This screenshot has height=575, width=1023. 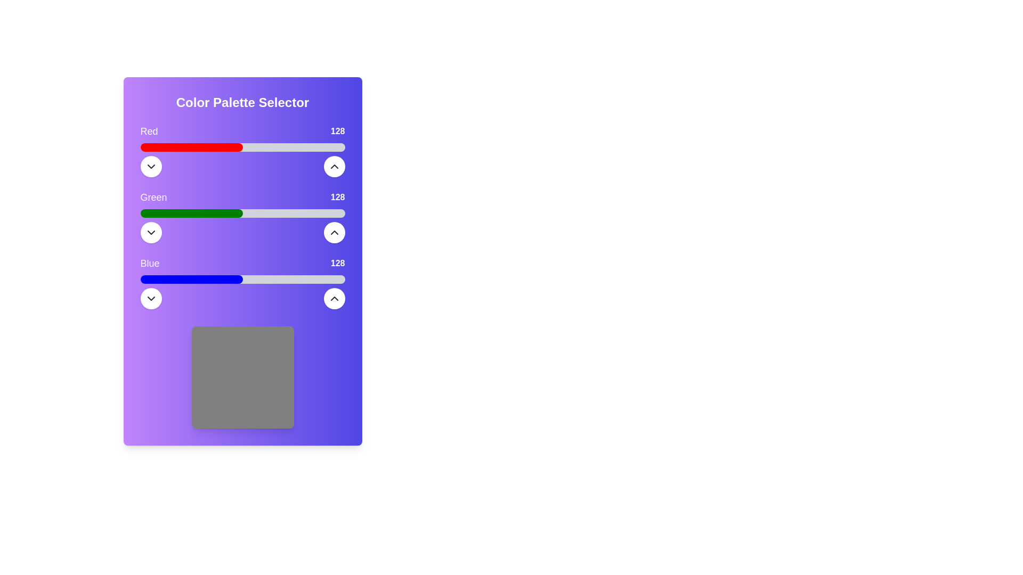 What do you see at coordinates (242, 150) in the screenshot?
I see `the progress bar representing the intensity of the red component, labeled 'Red', in the 'Color Palette Selector' section` at bounding box center [242, 150].